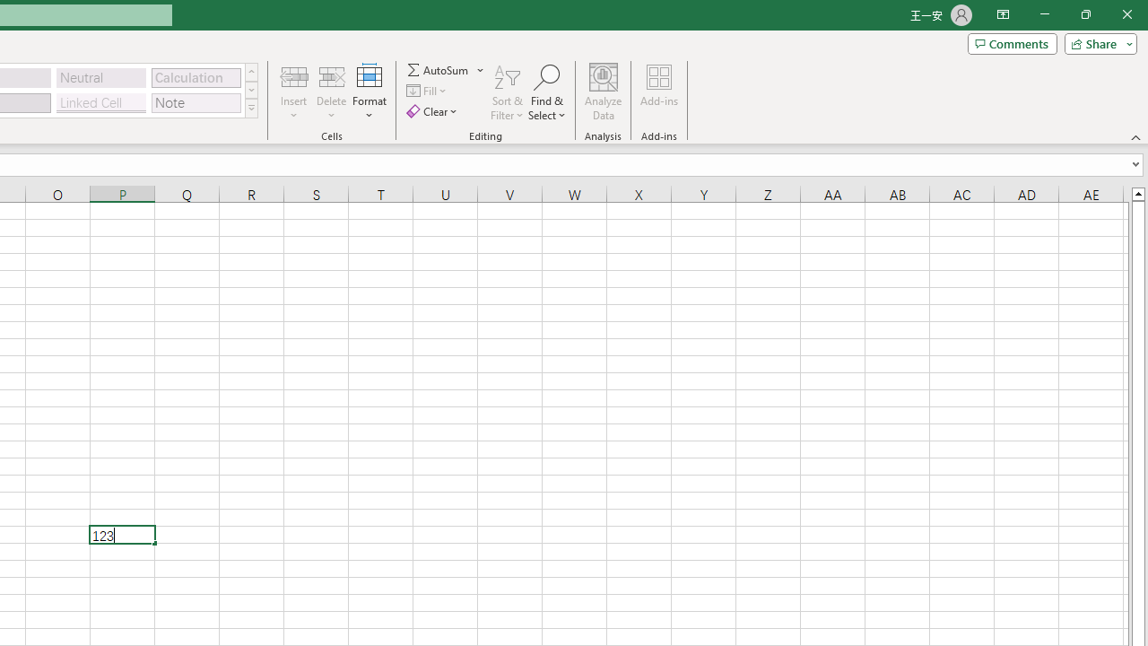 The width and height of the screenshot is (1148, 646). I want to click on 'AutoSum', so click(446, 69).